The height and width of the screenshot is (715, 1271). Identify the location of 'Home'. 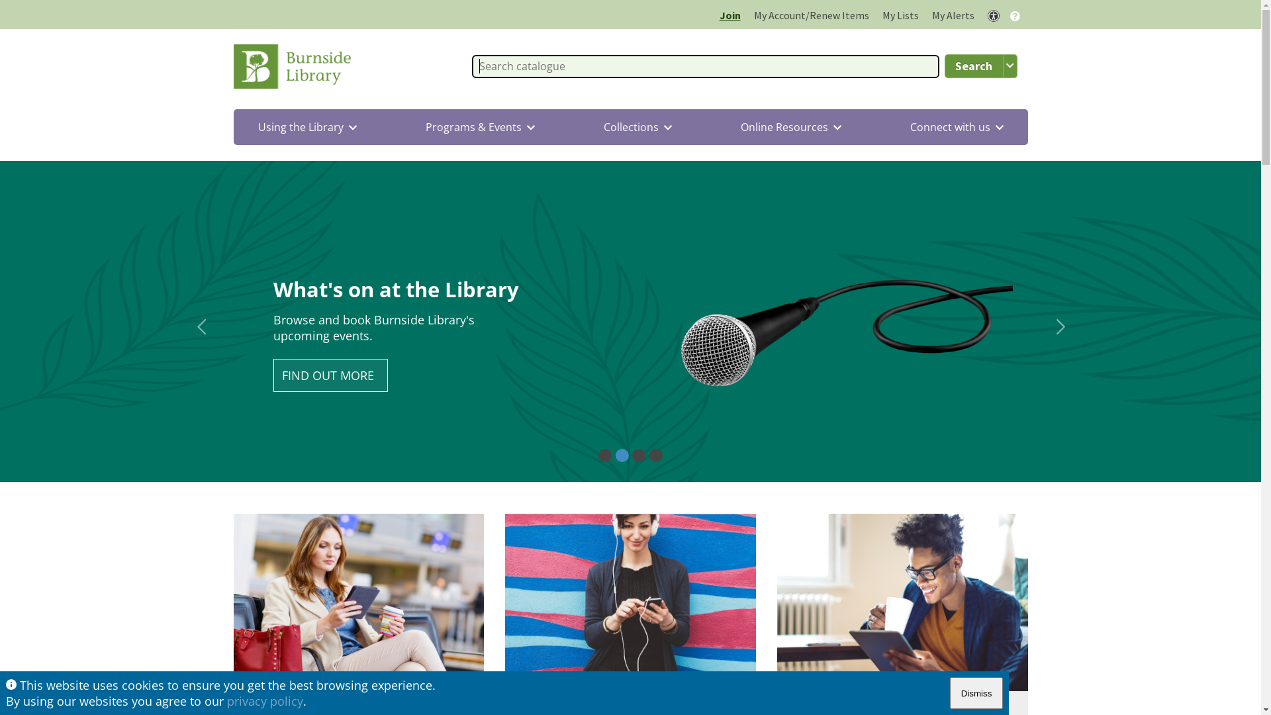
(295, 66).